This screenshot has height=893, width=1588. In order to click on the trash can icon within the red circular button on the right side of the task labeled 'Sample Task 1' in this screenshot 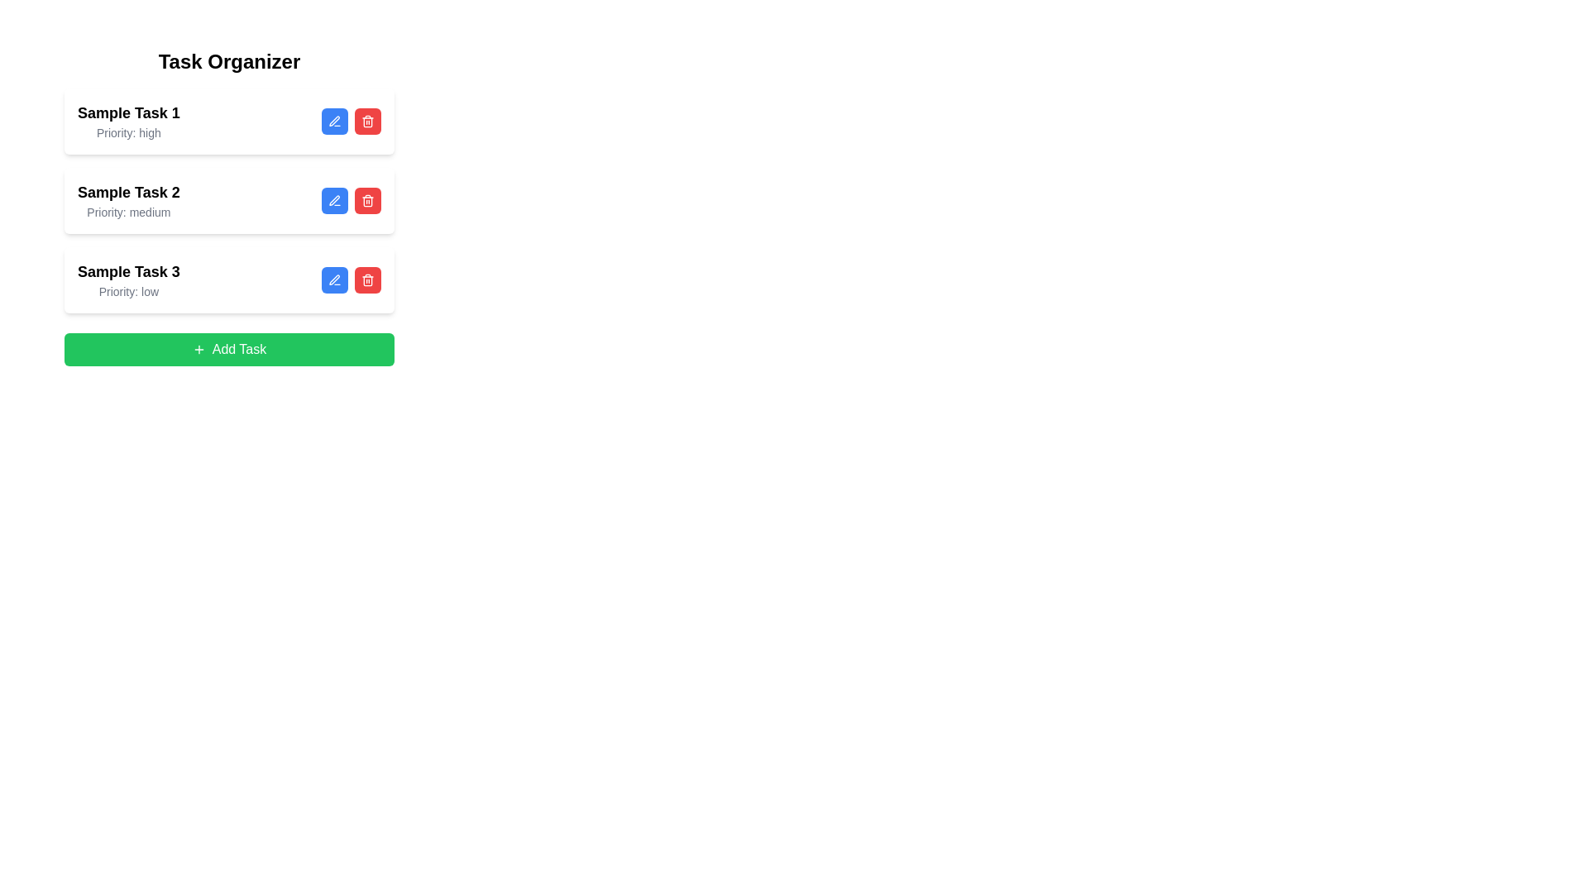, I will do `click(367, 120)`.